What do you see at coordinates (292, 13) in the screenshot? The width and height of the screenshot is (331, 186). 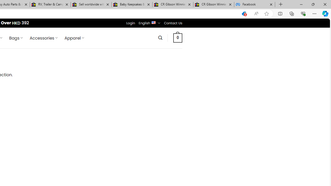 I see `'Collections'` at bounding box center [292, 13].